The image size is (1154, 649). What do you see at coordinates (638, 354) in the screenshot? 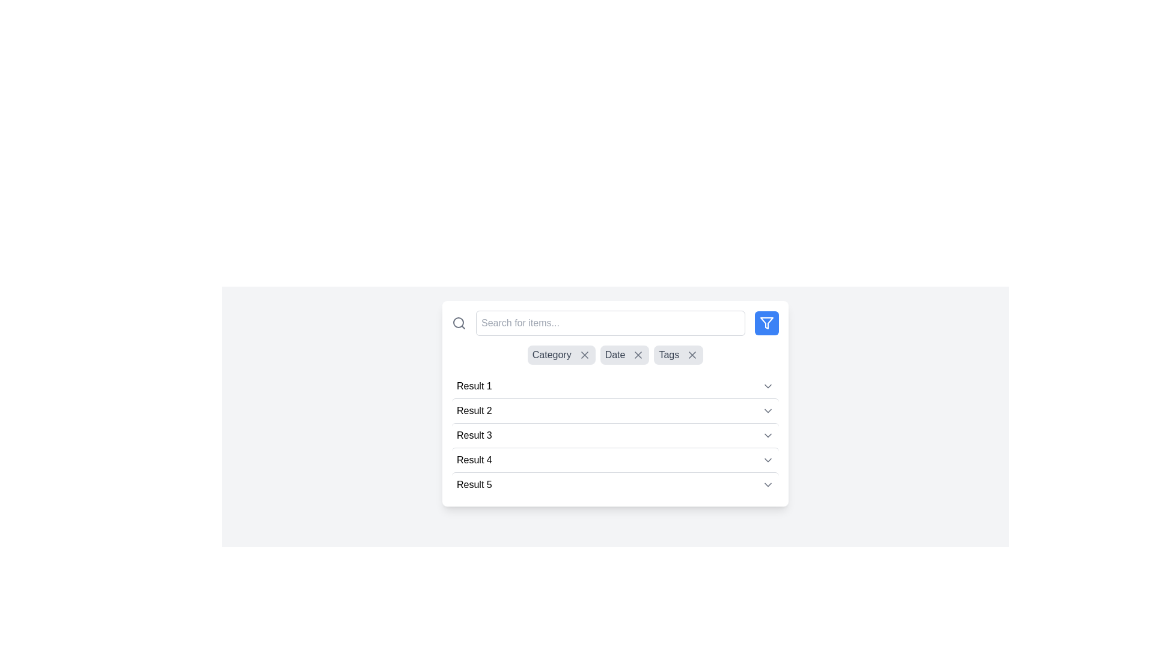
I see `the small cross-shaped icon located above the 'Result 1, Result 2' section in the 'Date' tab of filtering options` at bounding box center [638, 354].